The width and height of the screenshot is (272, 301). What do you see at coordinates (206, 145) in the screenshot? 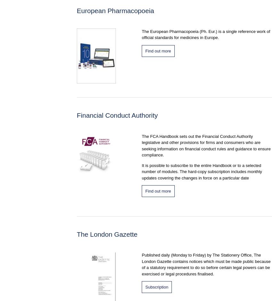
I see `'The FCA Handbook sets out the Financial Conduct Authority
				  legislative and other provisions for firms and consumers who are seeking
				  information on financial conduct rules and guidance to ensure compliance.'` at bounding box center [206, 145].